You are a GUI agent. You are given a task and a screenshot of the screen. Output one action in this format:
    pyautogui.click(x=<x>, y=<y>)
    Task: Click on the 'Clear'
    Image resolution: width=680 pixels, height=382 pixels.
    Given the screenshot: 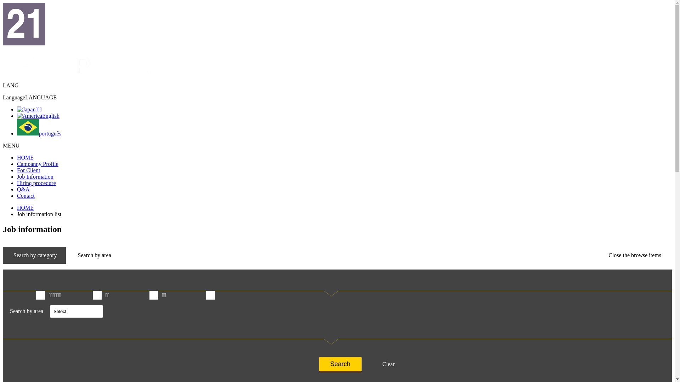 What is the action you would take?
    pyautogui.click(x=387, y=364)
    